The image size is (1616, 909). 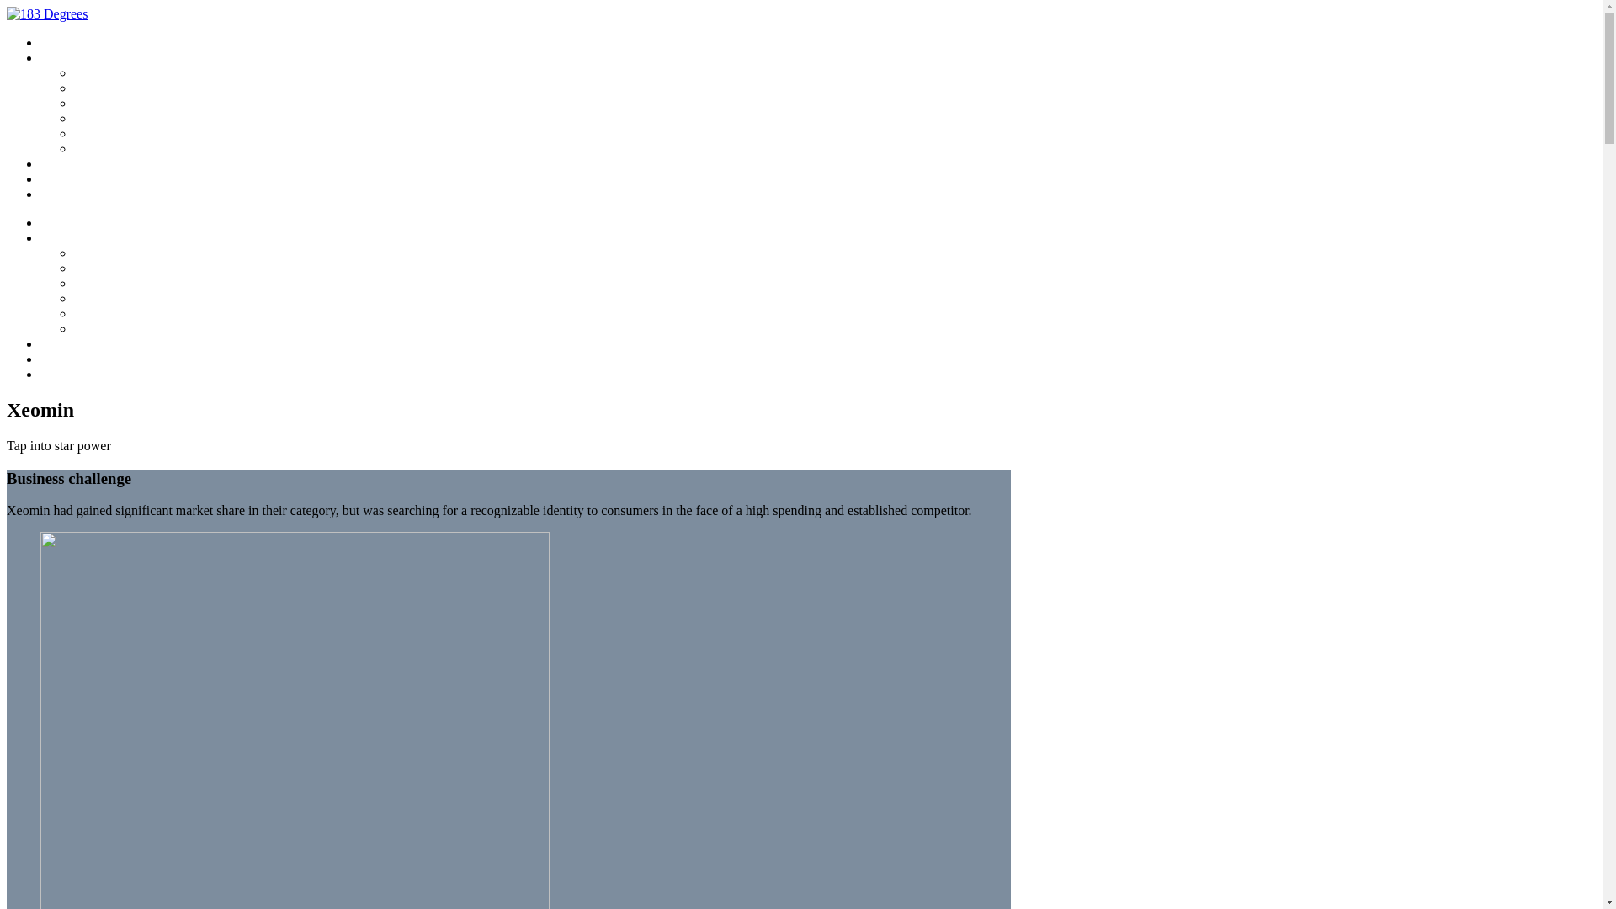 What do you see at coordinates (114, 282) in the screenshot?
I see `'Clear + Brilliant'` at bounding box center [114, 282].